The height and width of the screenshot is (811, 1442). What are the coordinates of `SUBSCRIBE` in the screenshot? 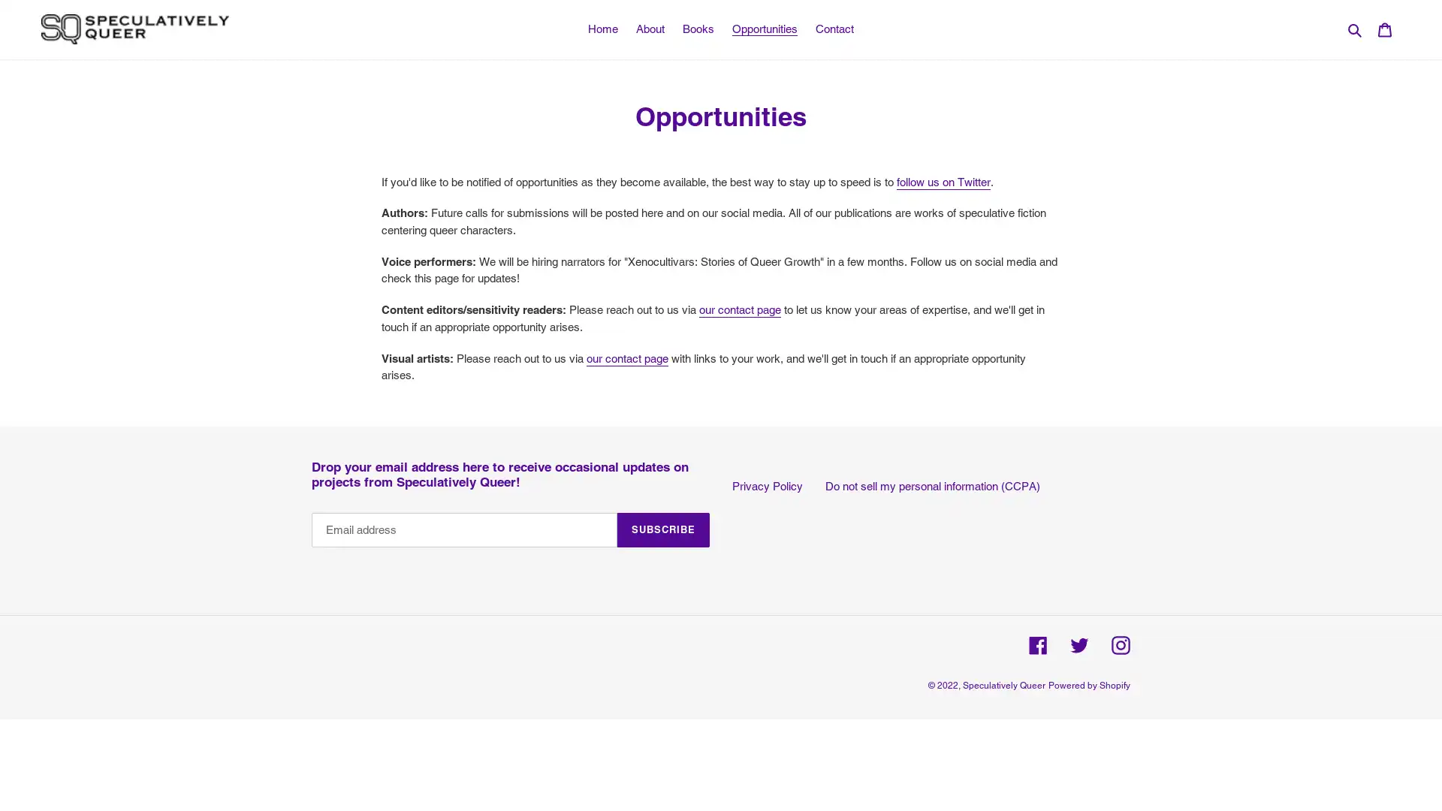 It's located at (662, 529).